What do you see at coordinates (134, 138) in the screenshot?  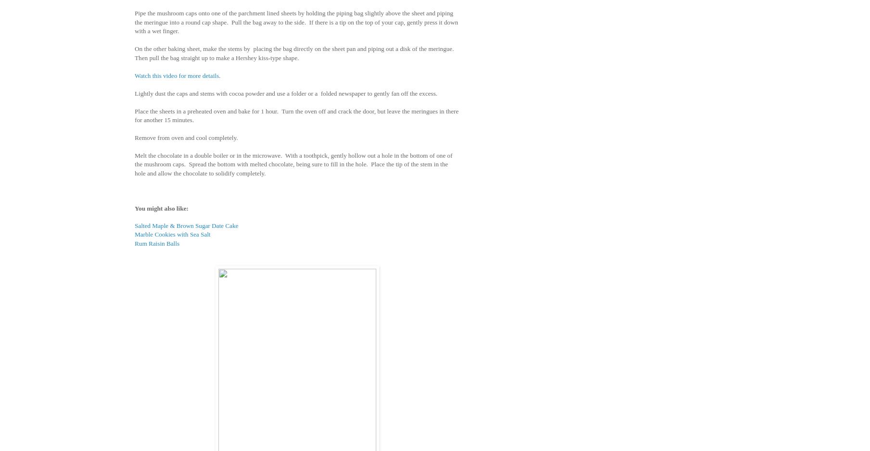 I see `'Remove from oven and cool completely.'` at bounding box center [134, 138].